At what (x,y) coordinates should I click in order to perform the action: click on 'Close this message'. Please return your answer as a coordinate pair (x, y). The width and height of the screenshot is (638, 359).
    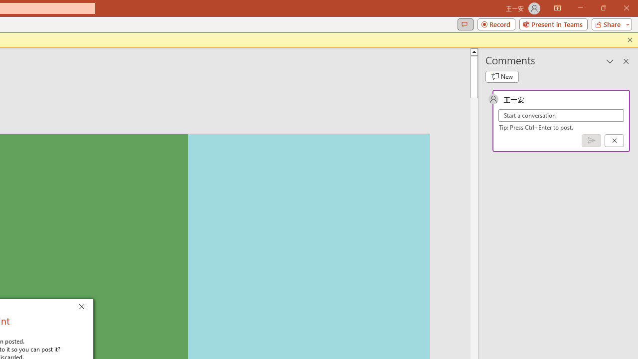
    Looking at the image, I should click on (630, 39).